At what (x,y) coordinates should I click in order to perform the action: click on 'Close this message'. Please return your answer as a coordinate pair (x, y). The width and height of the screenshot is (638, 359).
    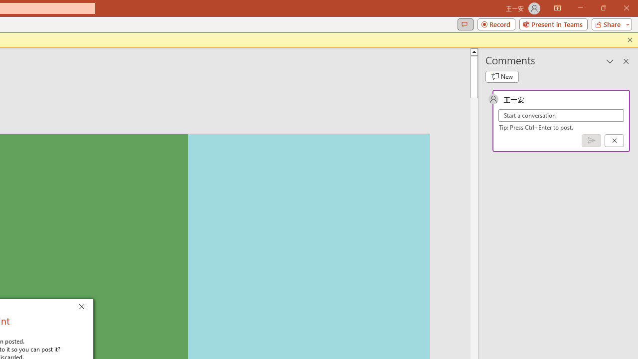
    Looking at the image, I should click on (630, 39).